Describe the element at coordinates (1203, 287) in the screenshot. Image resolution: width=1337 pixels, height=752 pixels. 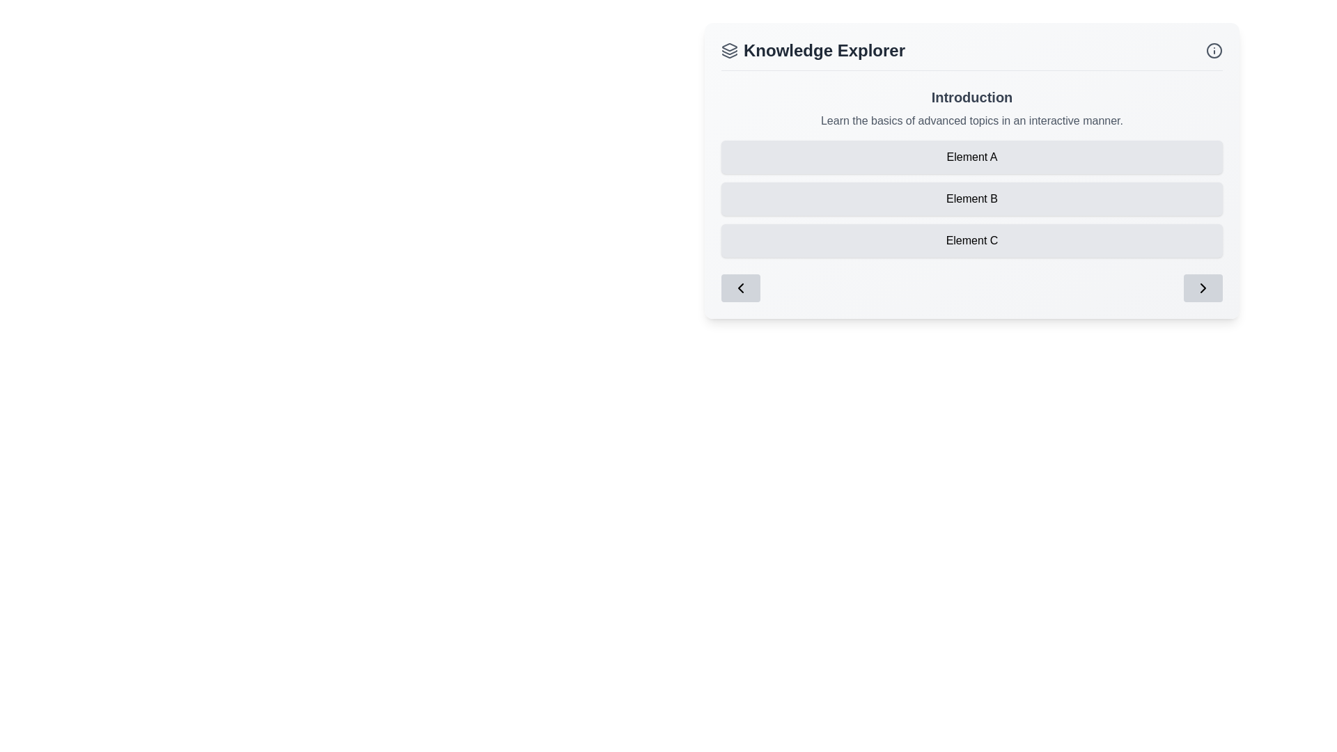
I see `the right-facing chevron icon located at the lower right corner of the panel` at that location.